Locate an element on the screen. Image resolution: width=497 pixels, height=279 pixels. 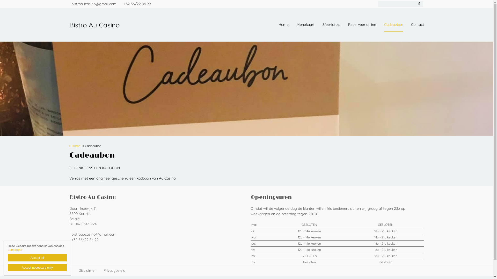
'Disclaimer' is located at coordinates (87, 270).